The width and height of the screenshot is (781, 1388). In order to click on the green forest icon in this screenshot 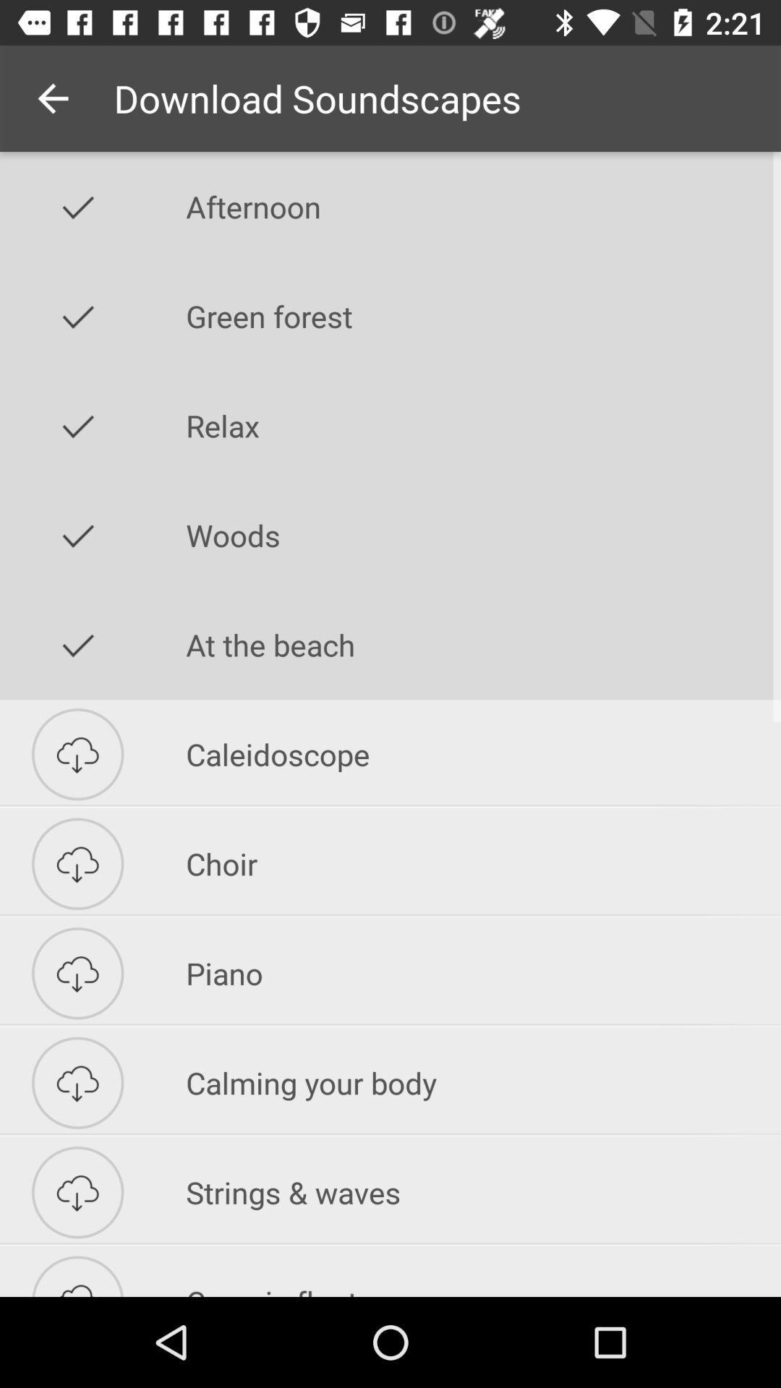, I will do `click(483, 315)`.